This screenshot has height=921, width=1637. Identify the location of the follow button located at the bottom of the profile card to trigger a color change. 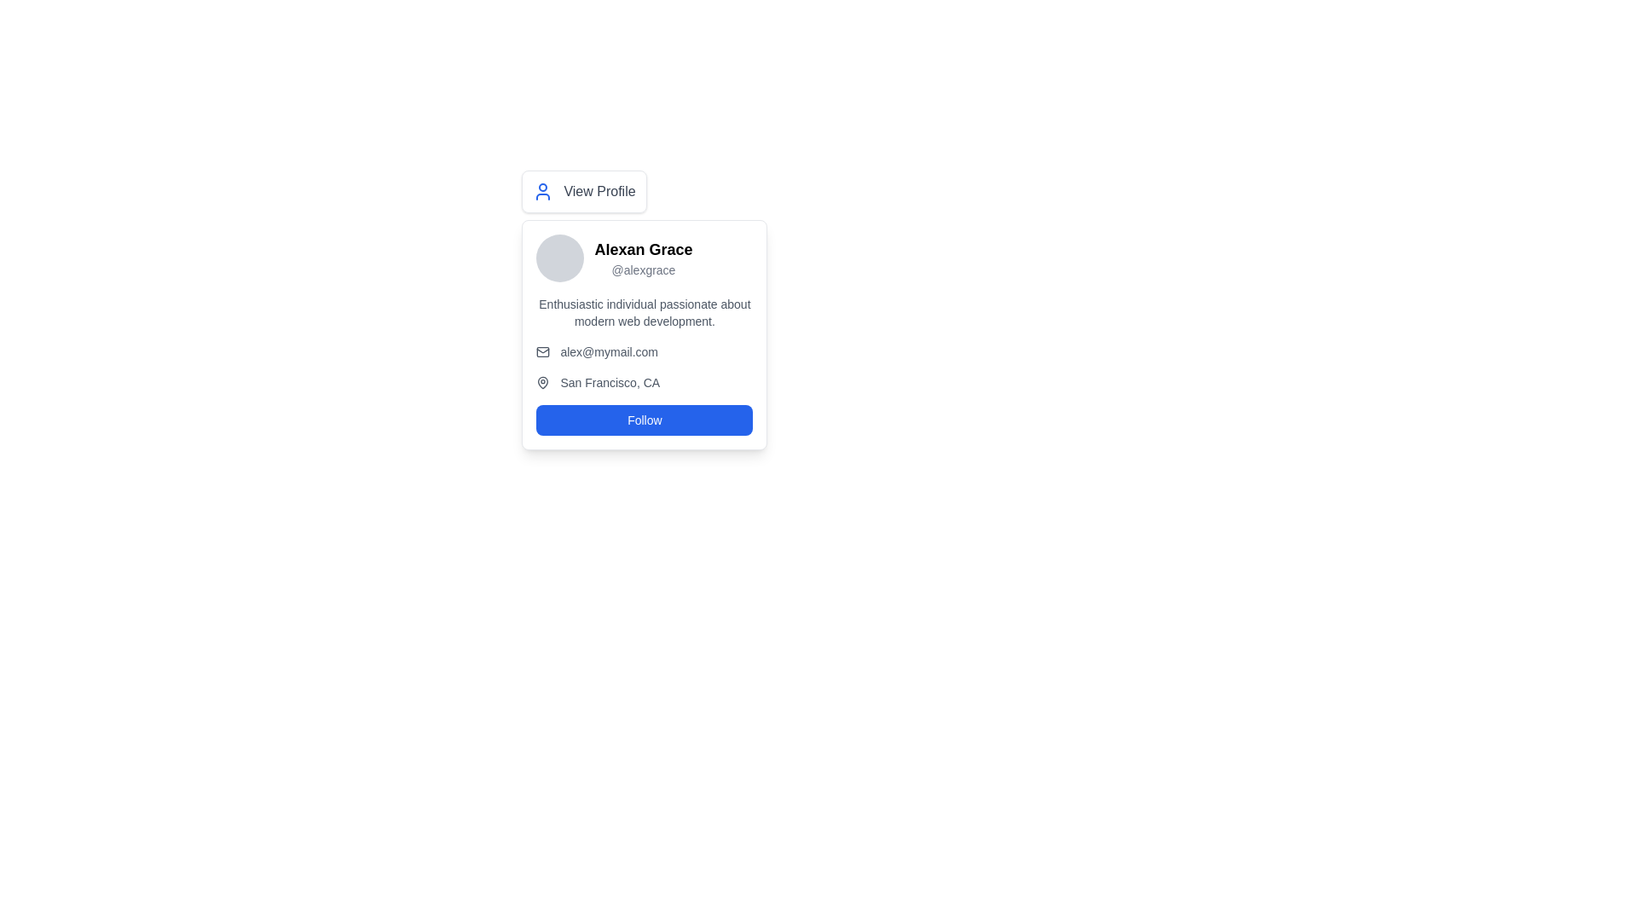
(644, 420).